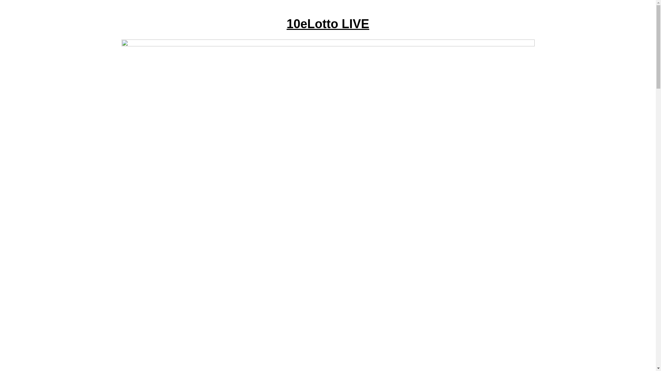 The image size is (661, 371). Describe the element at coordinates (327, 23) in the screenshot. I see `'10eLotto LIVE'` at that location.